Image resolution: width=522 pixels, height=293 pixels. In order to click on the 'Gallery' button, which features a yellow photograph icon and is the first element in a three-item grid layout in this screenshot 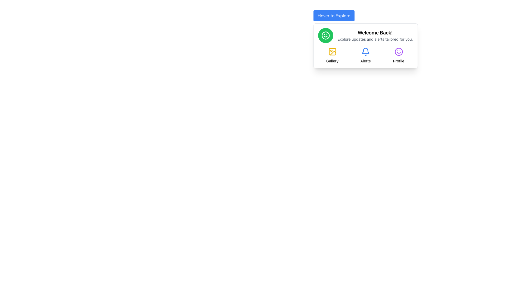, I will do `click(332, 55)`.